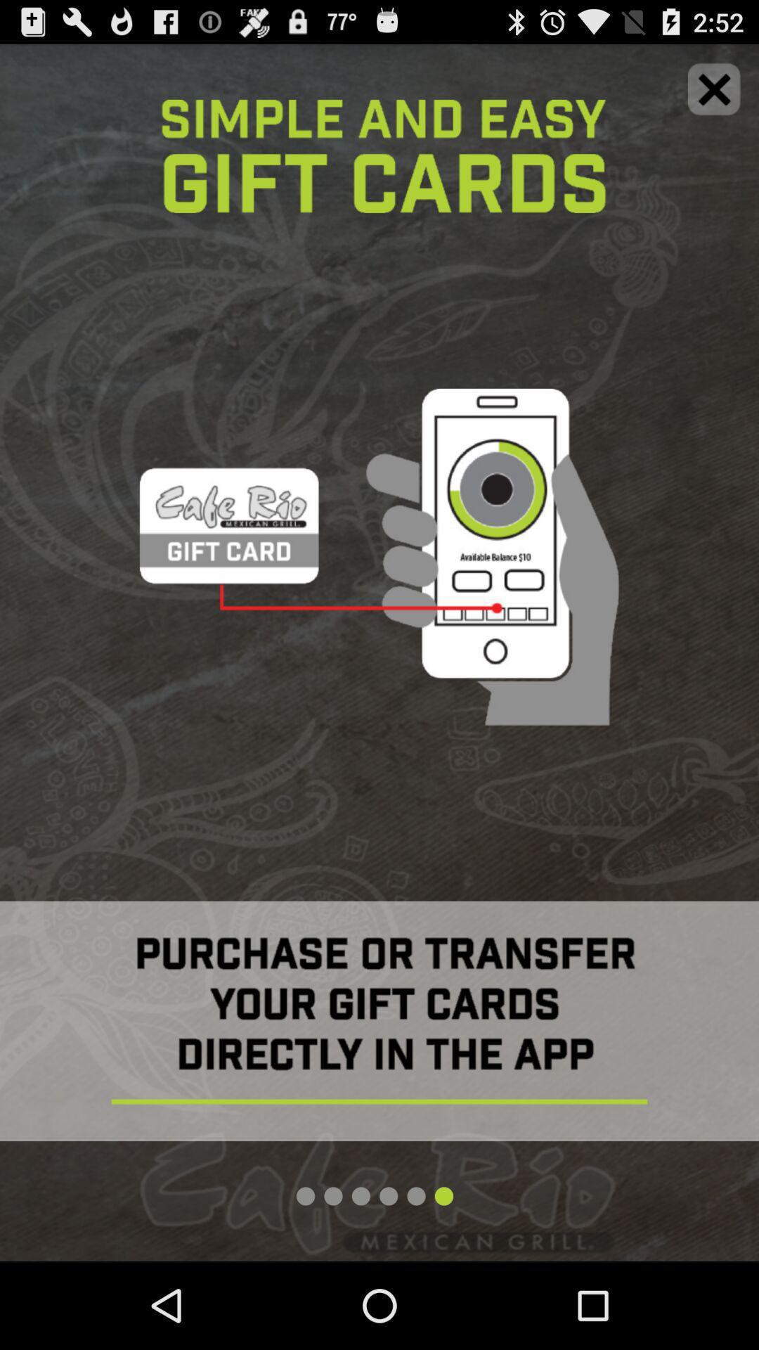 The image size is (759, 1350). I want to click on cancel, so click(714, 88).